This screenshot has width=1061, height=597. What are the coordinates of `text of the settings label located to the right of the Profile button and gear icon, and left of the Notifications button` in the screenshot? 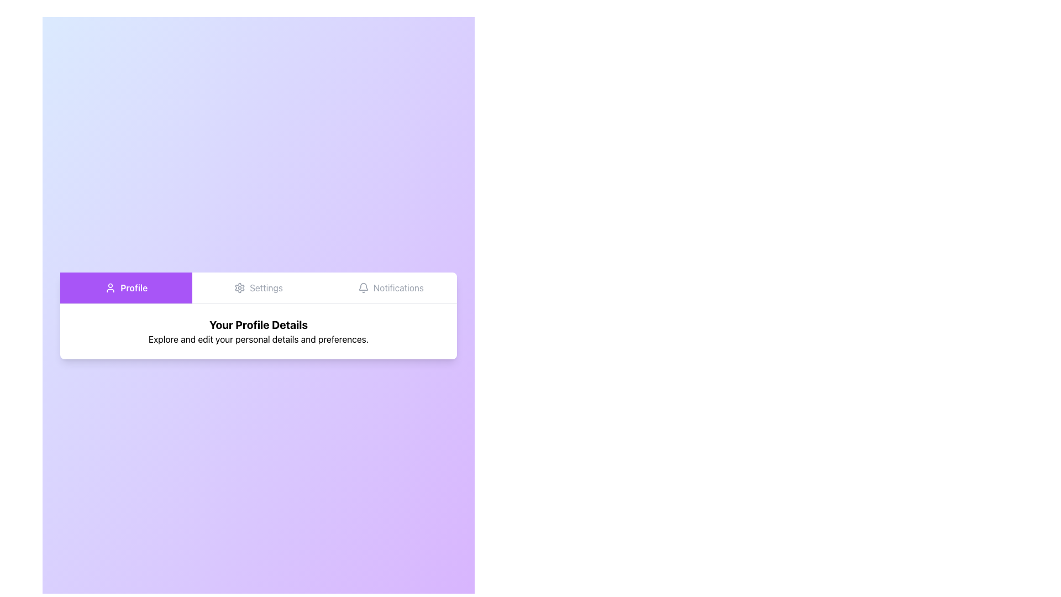 It's located at (266, 287).